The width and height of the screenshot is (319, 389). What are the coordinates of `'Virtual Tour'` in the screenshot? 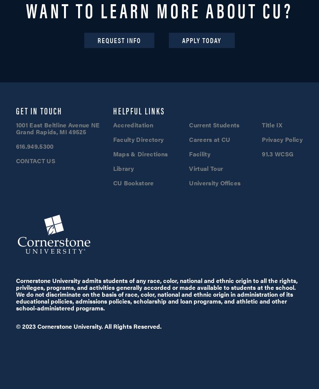 It's located at (205, 167).